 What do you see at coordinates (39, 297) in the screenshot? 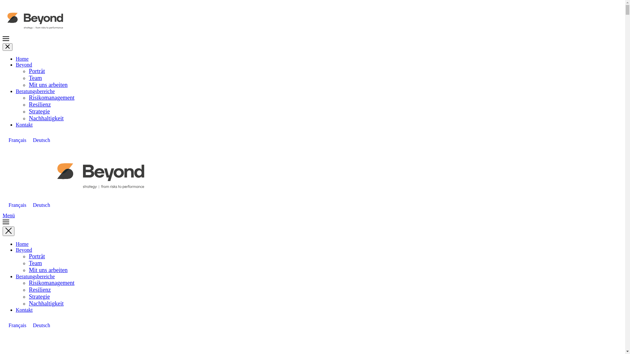
I see `'Strategie'` at bounding box center [39, 297].